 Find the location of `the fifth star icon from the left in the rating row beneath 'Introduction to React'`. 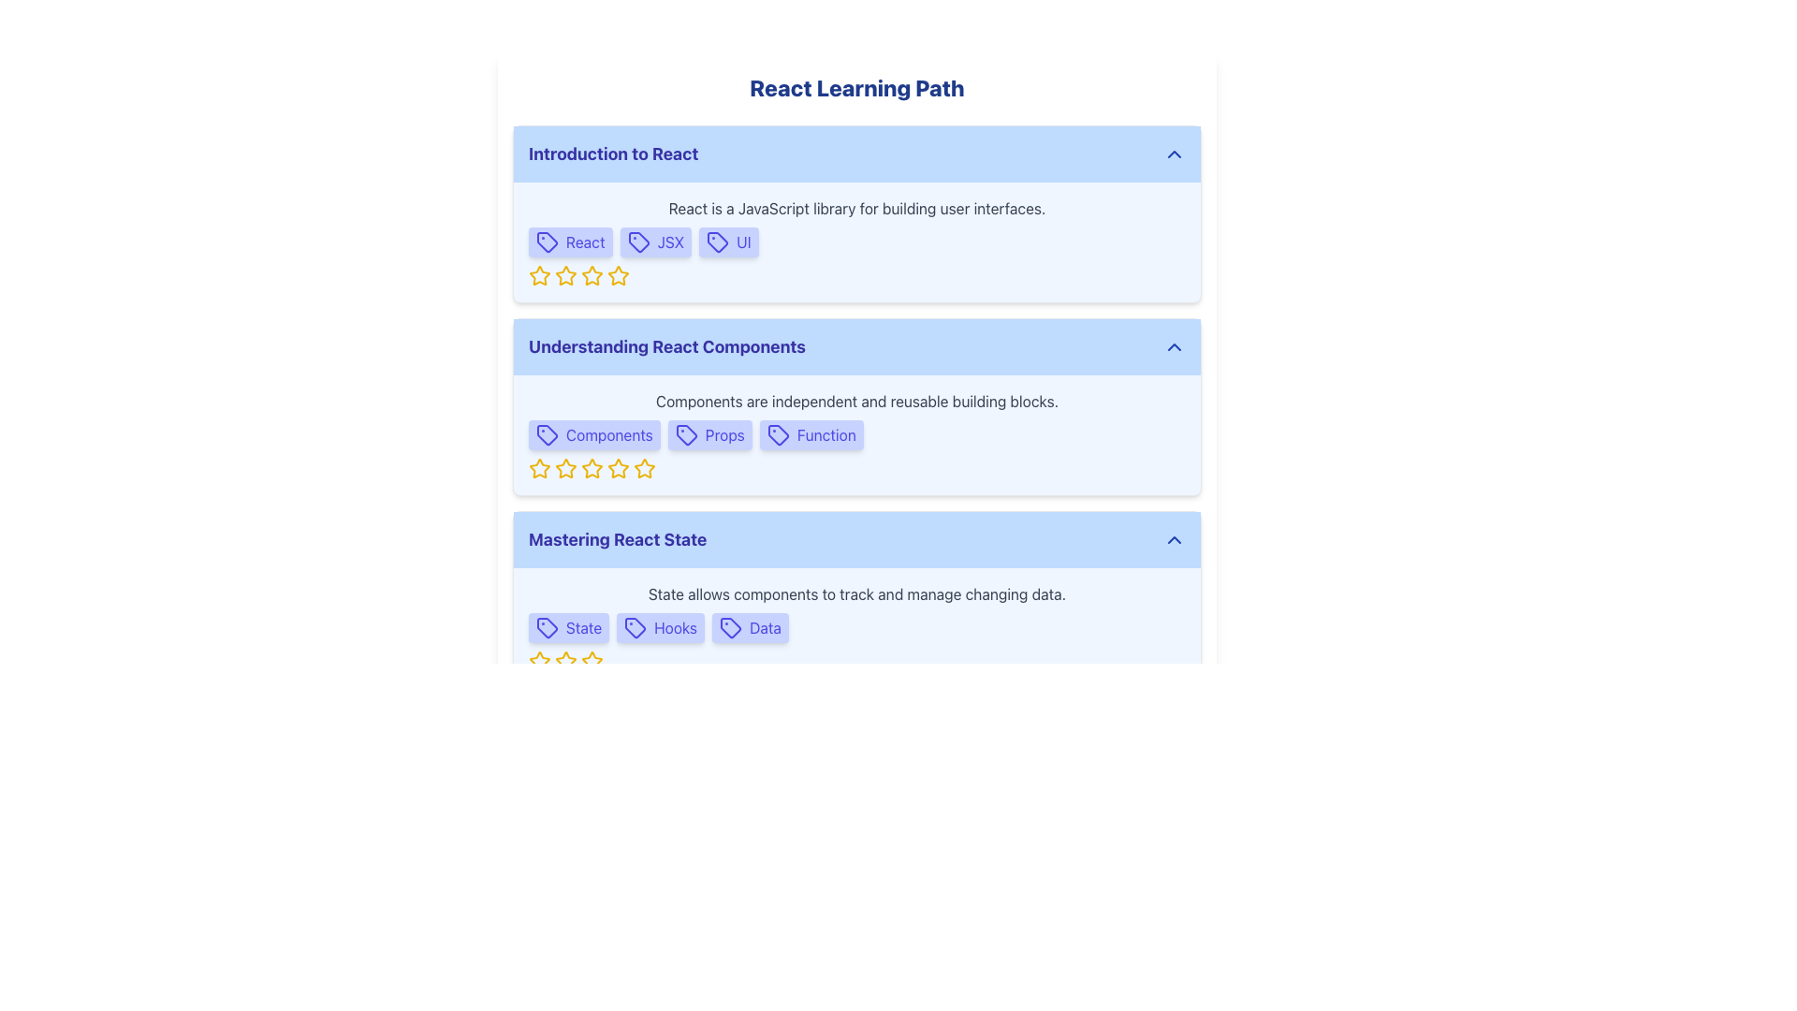

the fifth star icon from the left in the rating row beneath 'Introduction to React' is located at coordinates (592, 275).